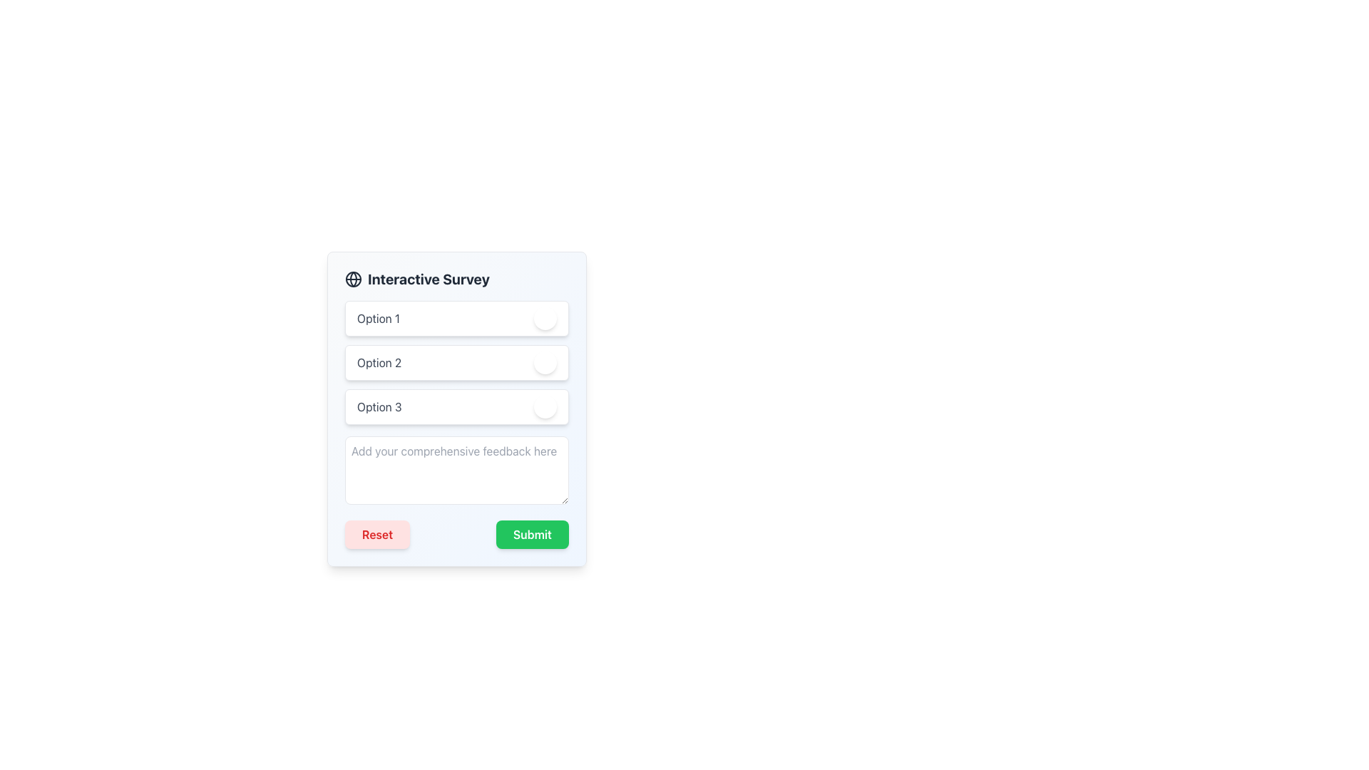 This screenshot has width=1369, height=770. What do you see at coordinates (544, 362) in the screenshot?
I see `the toggle button located to the right of the 'Option 2' text in the second row of the options list for keyboard interaction` at bounding box center [544, 362].